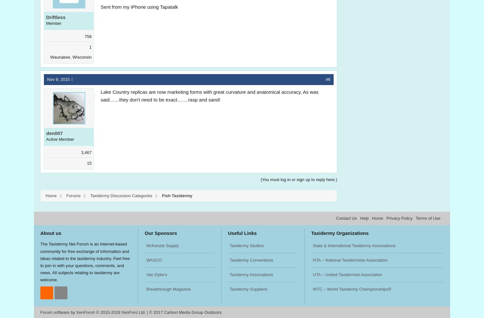  Describe the element at coordinates (428, 218) in the screenshot. I see `'Terms of Use'` at that location.